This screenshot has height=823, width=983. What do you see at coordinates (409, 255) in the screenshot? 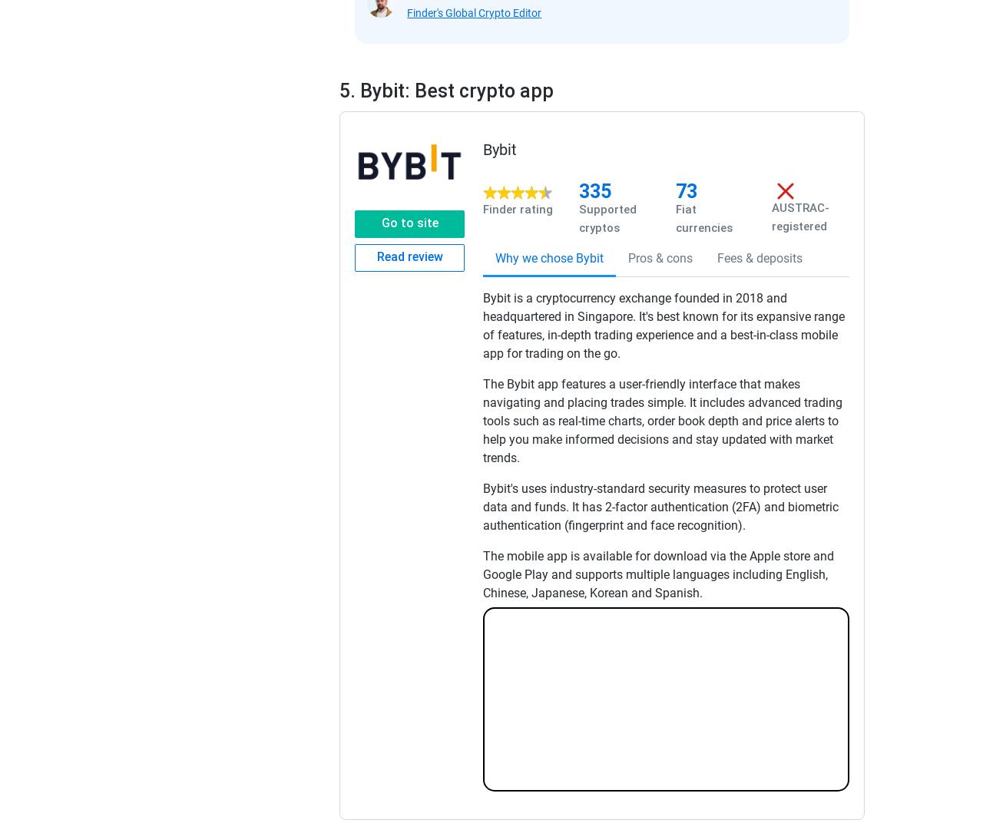
I see `'Read review'` at bounding box center [409, 255].